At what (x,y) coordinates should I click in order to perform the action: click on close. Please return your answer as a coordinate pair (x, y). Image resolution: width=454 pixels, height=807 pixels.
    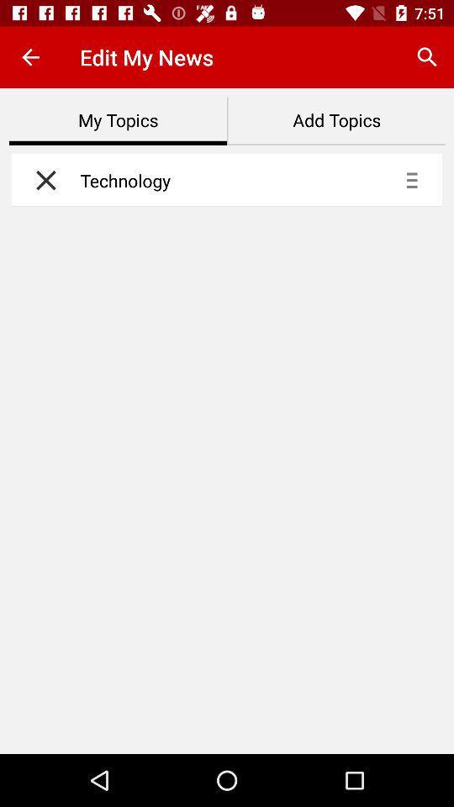
    Looking at the image, I should click on (41, 180).